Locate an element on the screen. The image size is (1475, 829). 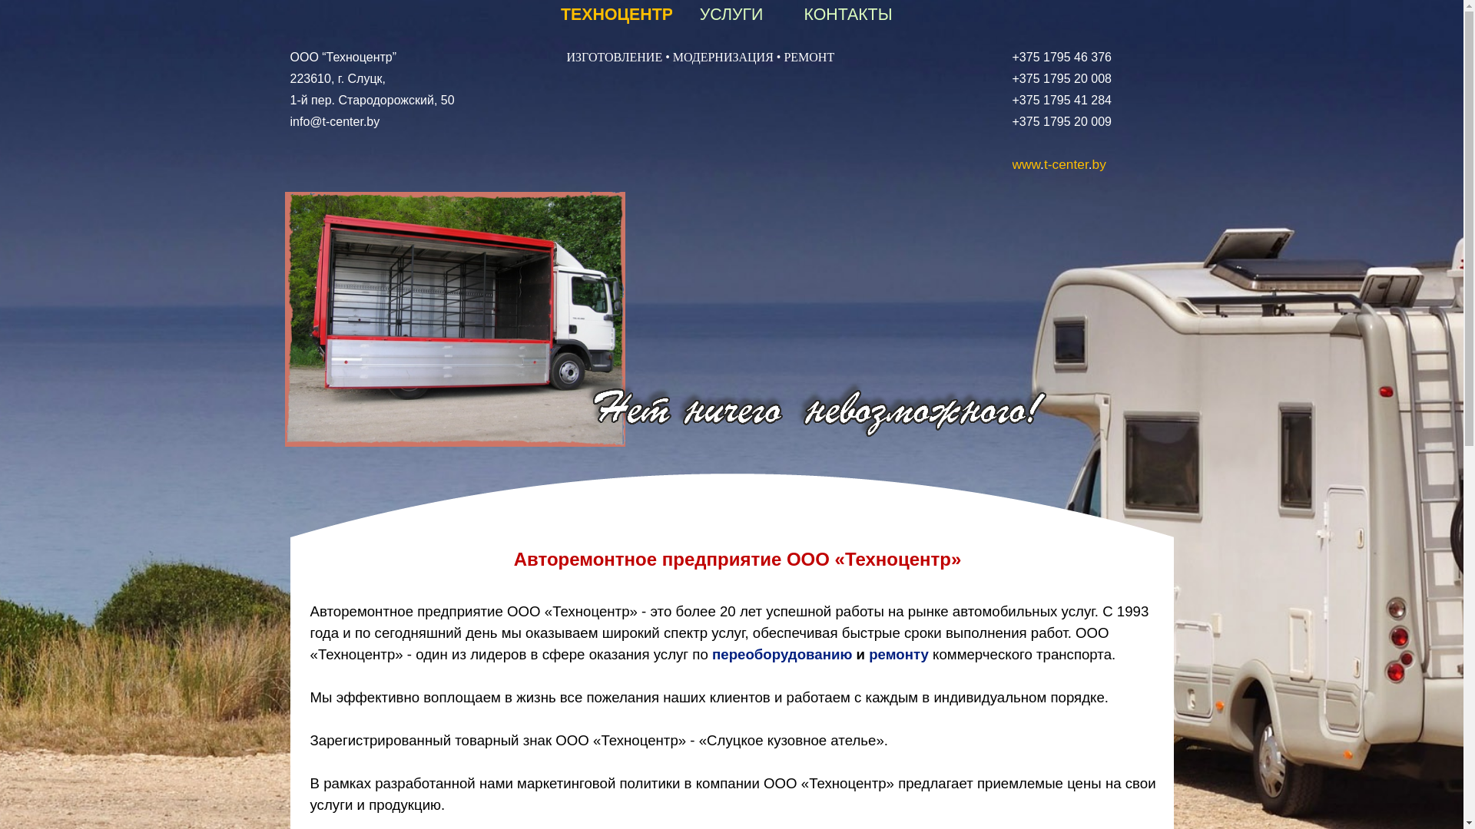
'www.t-center.by' is located at coordinates (1013, 163).